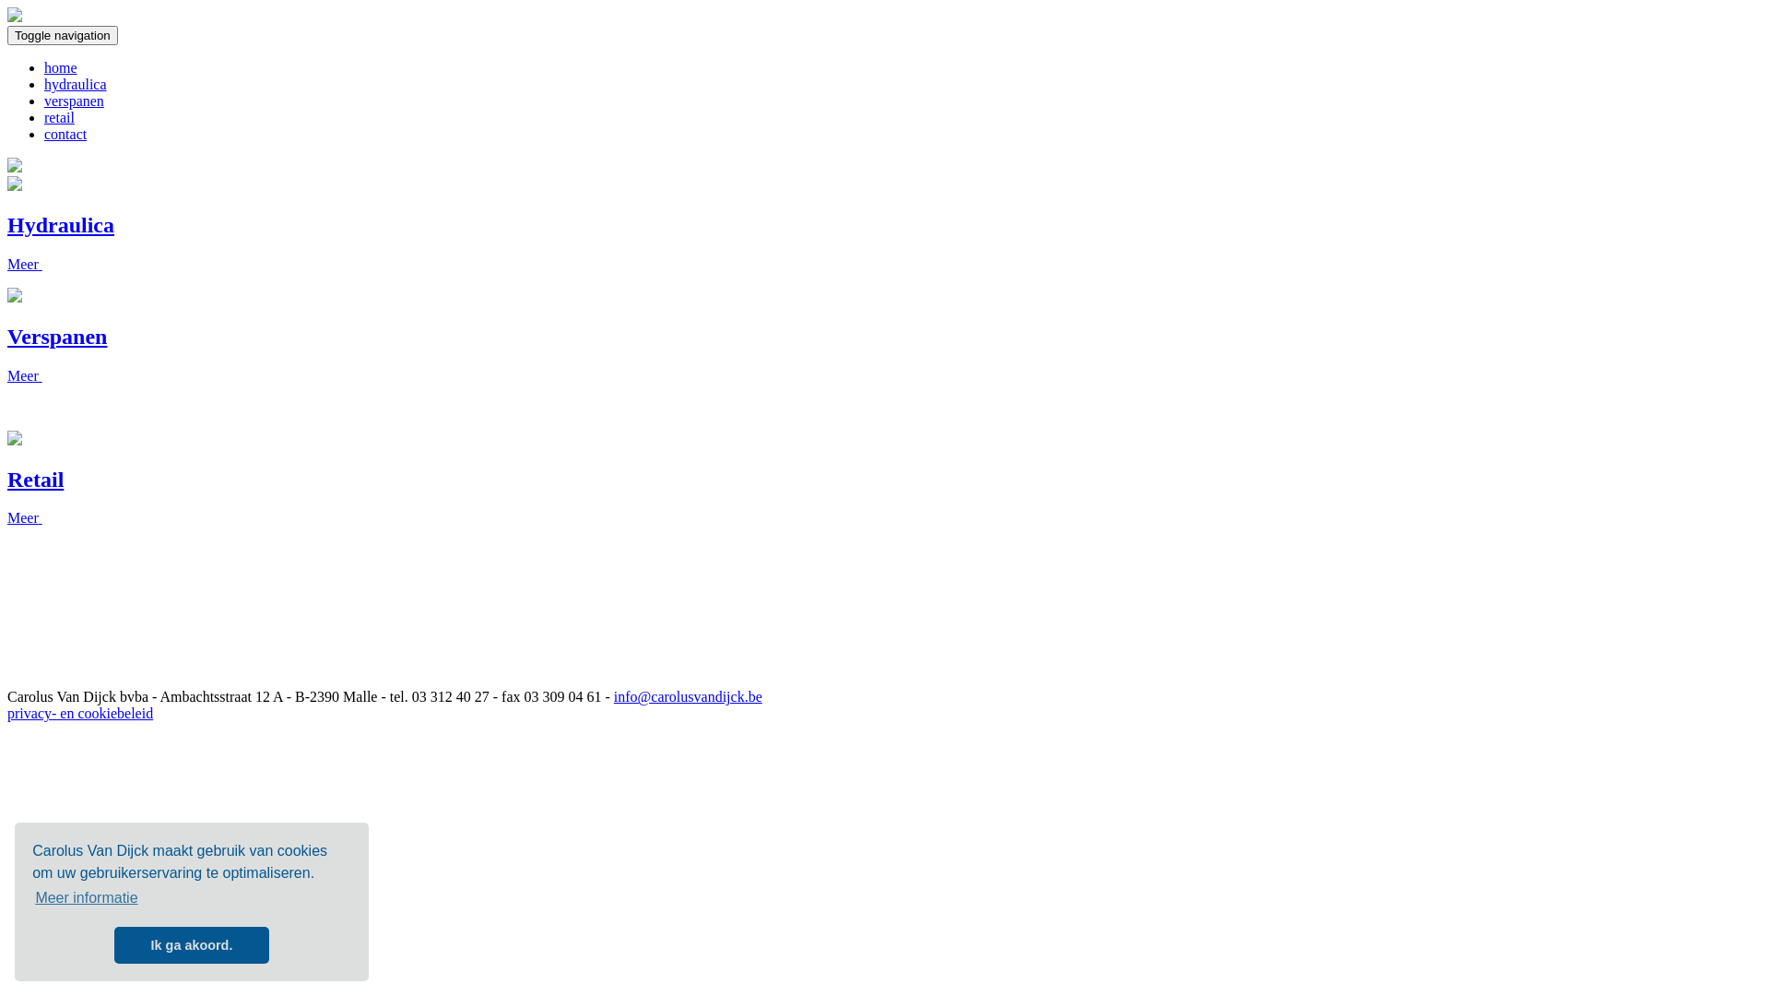  What do you see at coordinates (61, 223) in the screenshot?
I see `'Hydraulica'` at bounding box center [61, 223].